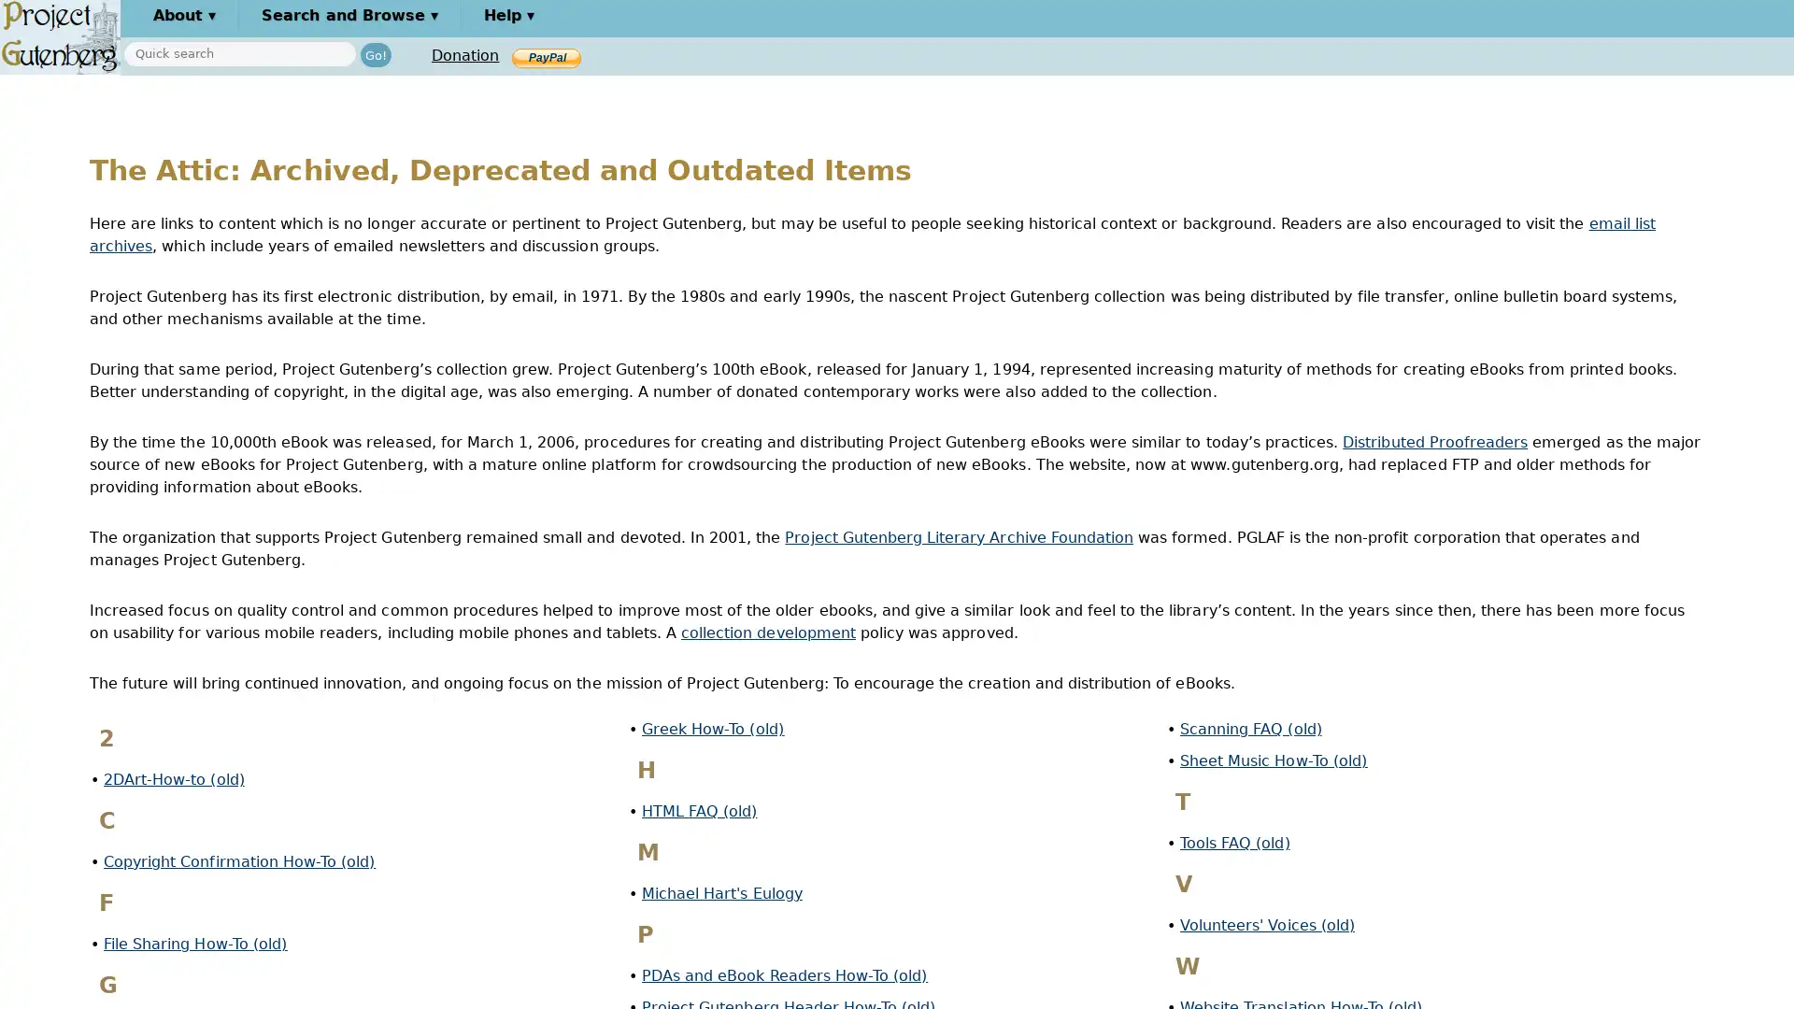  I want to click on Go!, so click(375, 53).